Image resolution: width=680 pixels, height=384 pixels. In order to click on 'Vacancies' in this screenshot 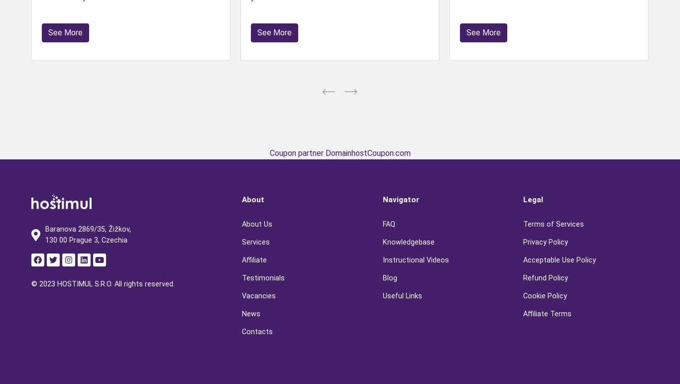, I will do `click(259, 295)`.